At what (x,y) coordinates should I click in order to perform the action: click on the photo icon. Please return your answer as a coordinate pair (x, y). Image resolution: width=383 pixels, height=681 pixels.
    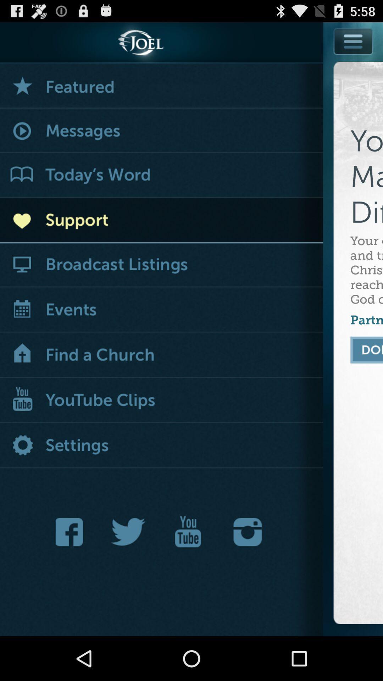
    Looking at the image, I should click on (247, 569).